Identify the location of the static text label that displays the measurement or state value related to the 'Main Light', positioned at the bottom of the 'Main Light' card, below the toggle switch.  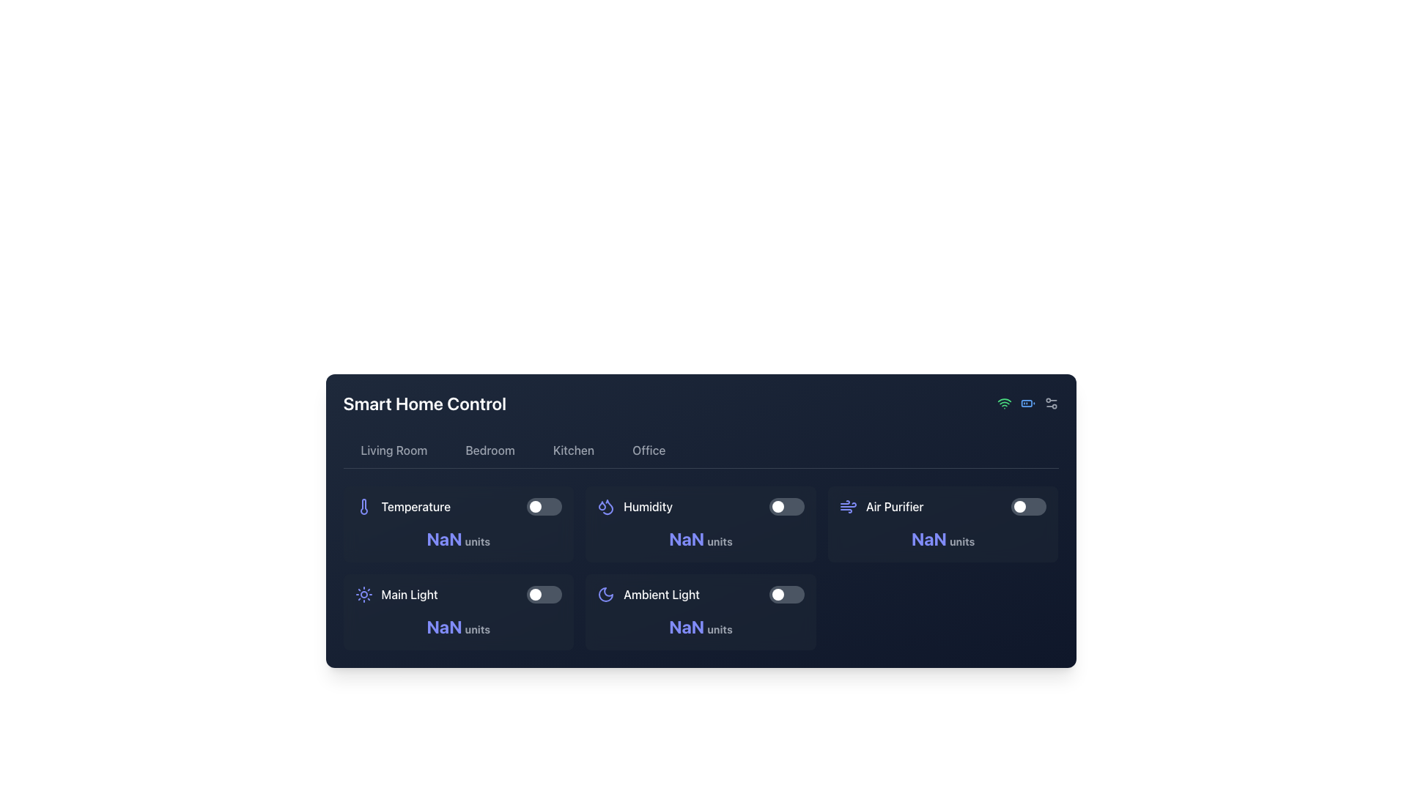
(457, 626).